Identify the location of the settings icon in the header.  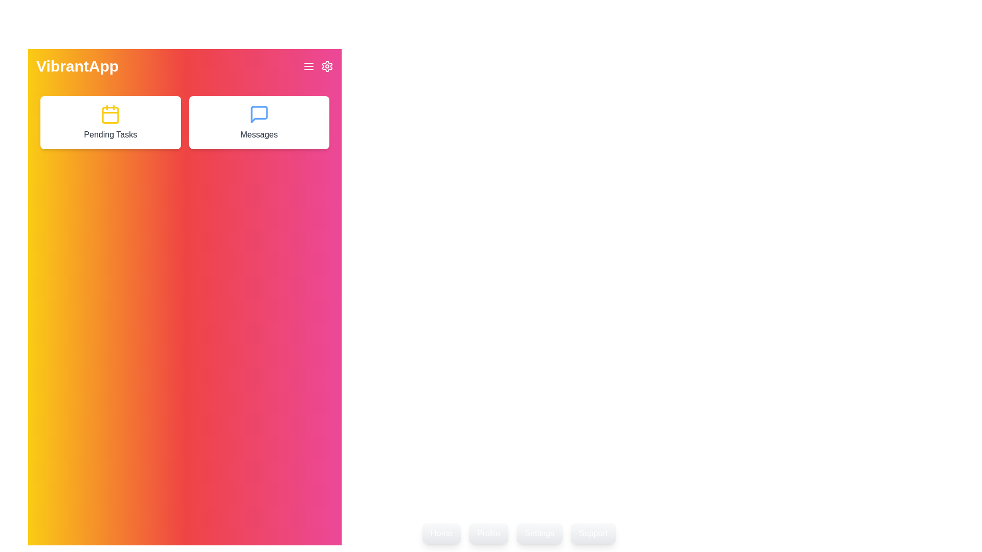
(326, 66).